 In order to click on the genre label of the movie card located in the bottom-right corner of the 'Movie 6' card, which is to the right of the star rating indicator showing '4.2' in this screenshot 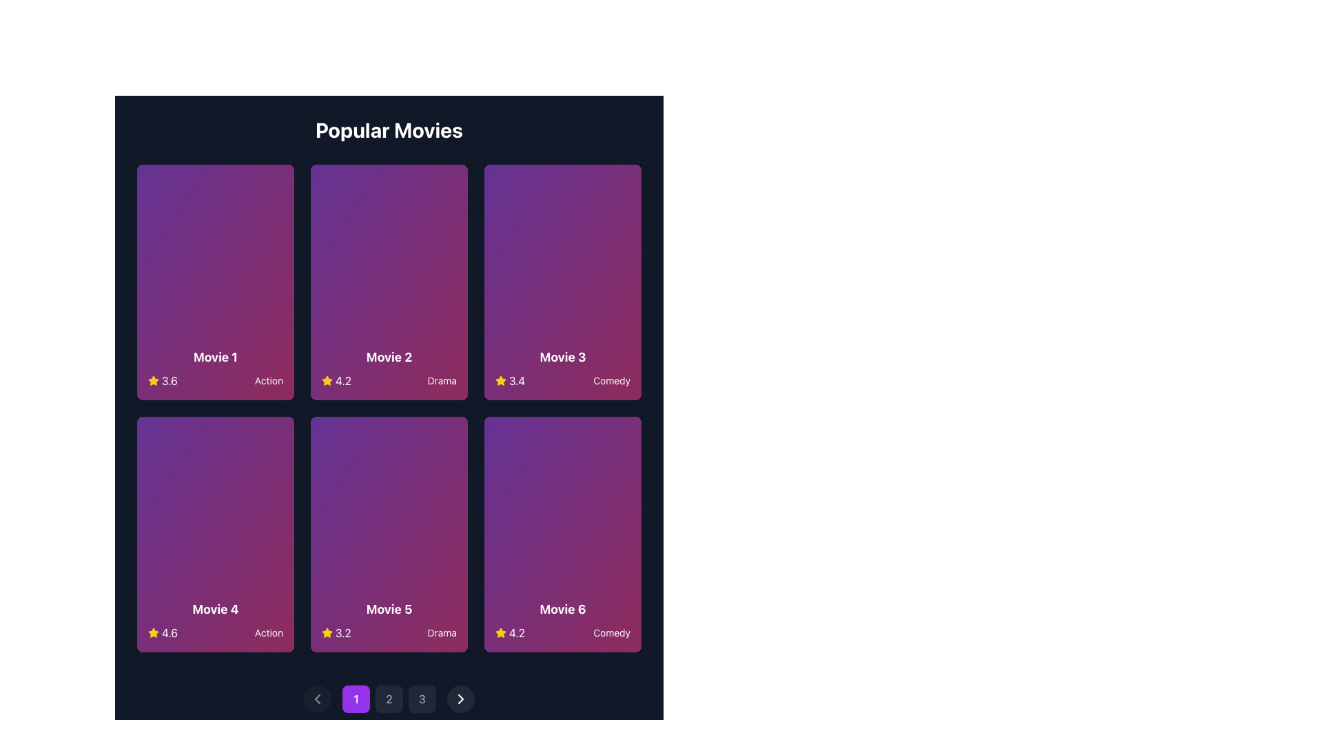, I will do `click(611, 632)`.